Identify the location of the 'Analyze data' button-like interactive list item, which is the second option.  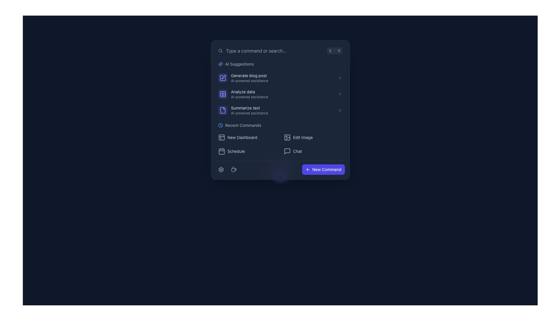
(280, 94).